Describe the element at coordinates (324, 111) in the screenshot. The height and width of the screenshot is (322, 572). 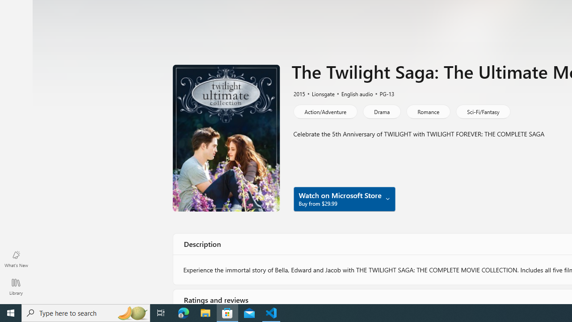
I see `'Action/Adventure'` at that location.